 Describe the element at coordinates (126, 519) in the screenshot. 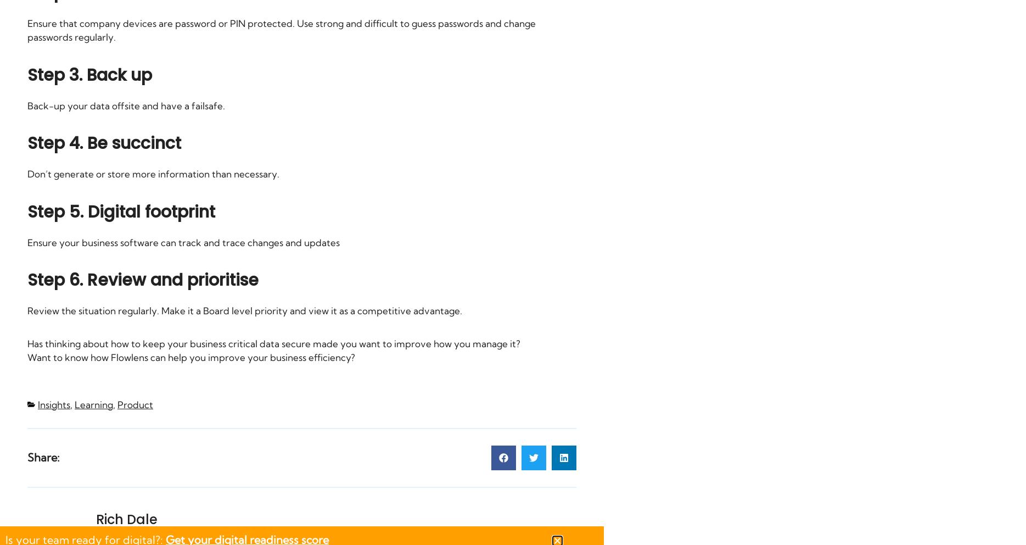

I see `'Rich Dale'` at that location.